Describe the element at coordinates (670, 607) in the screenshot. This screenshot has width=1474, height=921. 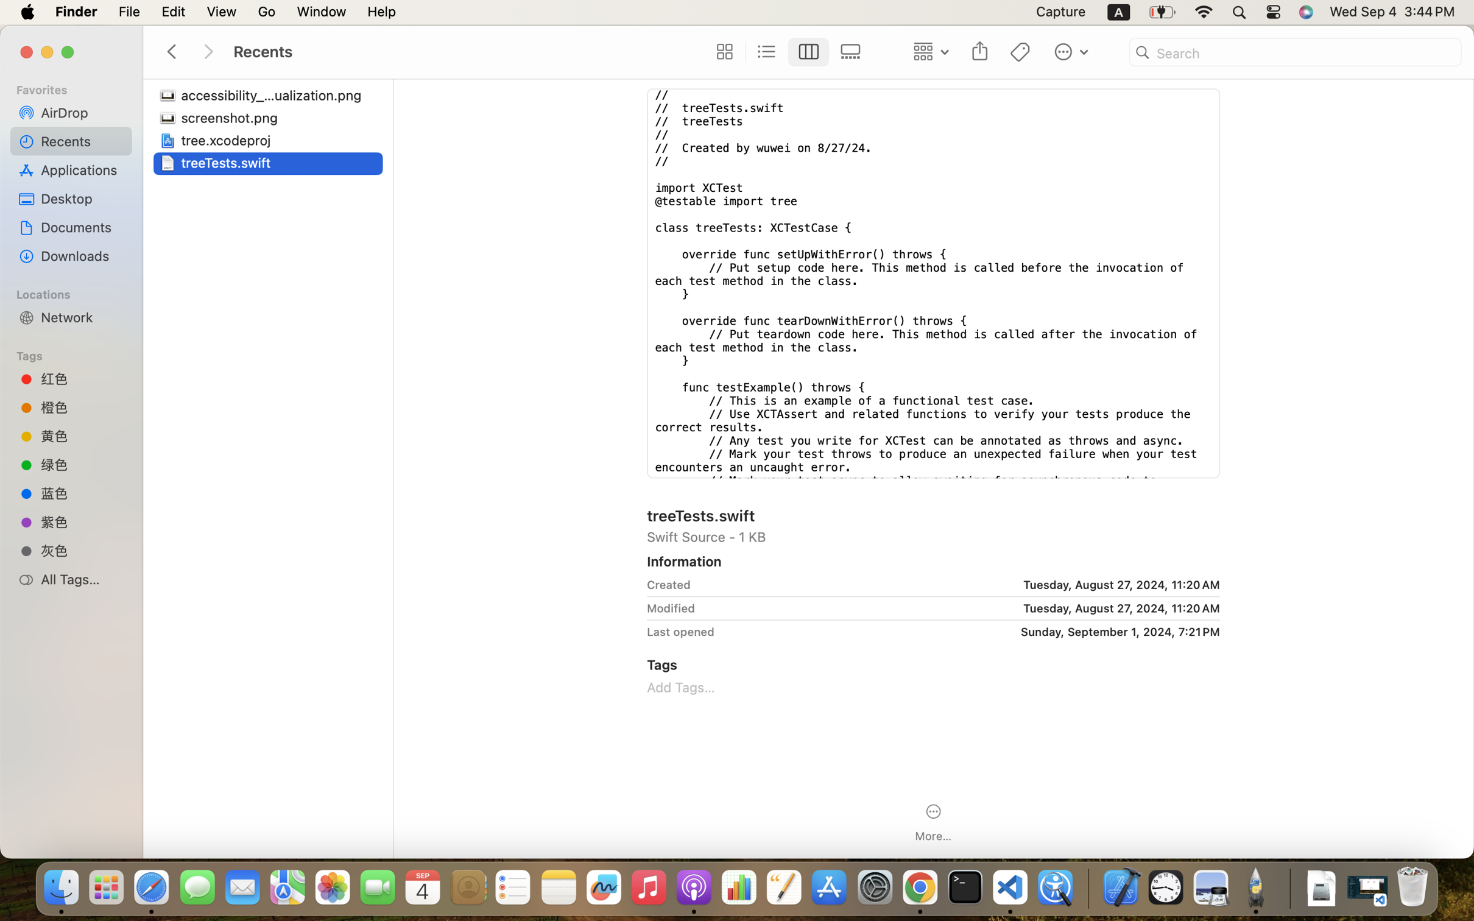
I see `'Modified'` at that location.